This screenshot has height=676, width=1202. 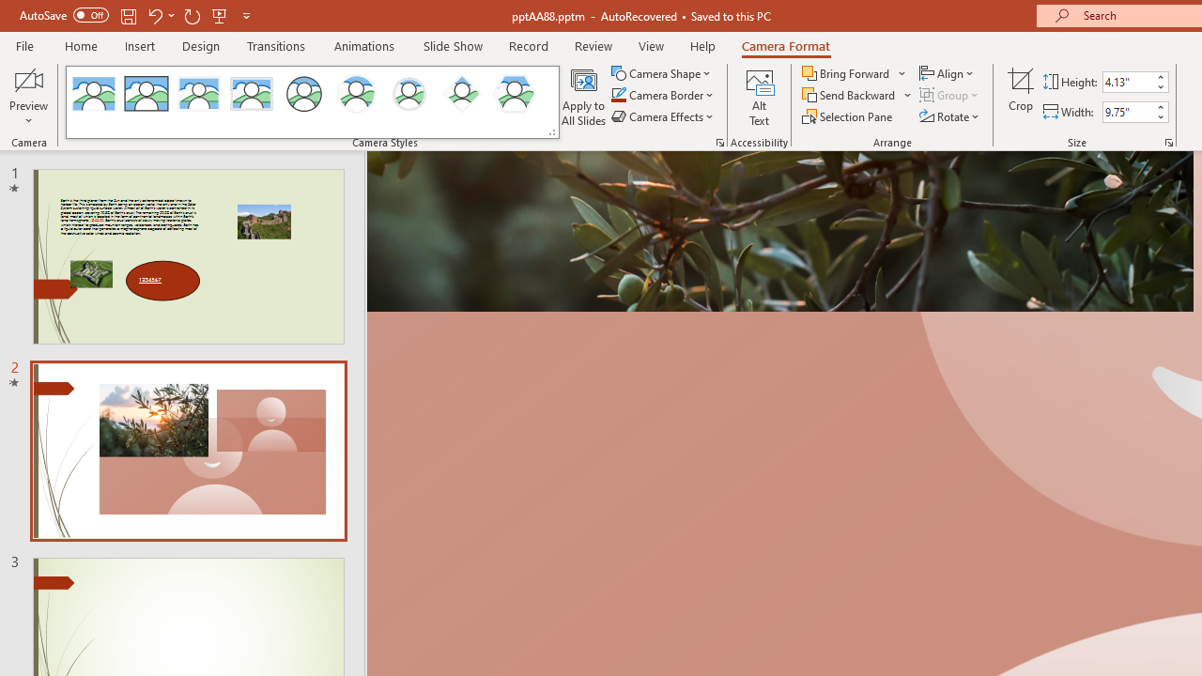 What do you see at coordinates (663, 95) in the screenshot?
I see `'Camera Border'` at bounding box center [663, 95].